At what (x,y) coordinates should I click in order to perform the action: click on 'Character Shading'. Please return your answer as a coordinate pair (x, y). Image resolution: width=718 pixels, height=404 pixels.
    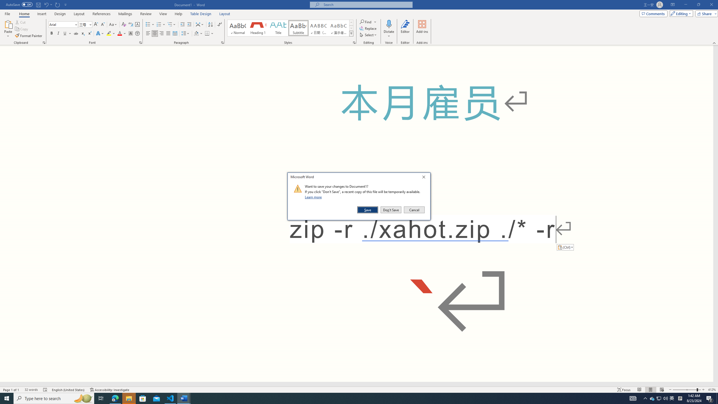
    Looking at the image, I should click on (130, 33).